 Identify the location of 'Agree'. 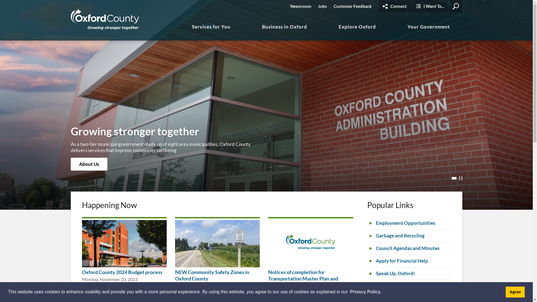
(515, 292).